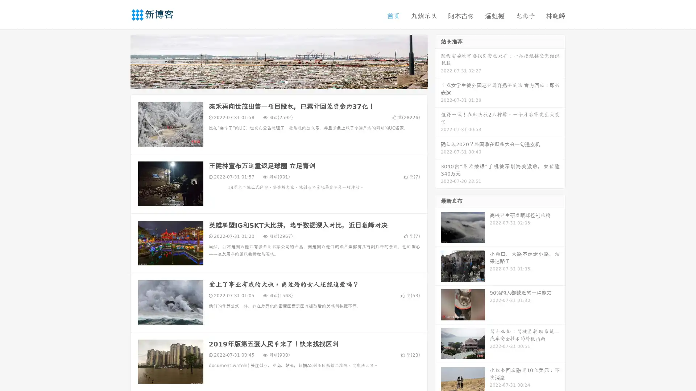  What do you see at coordinates (438, 61) in the screenshot?
I see `Next slide` at bounding box center [438, 61].